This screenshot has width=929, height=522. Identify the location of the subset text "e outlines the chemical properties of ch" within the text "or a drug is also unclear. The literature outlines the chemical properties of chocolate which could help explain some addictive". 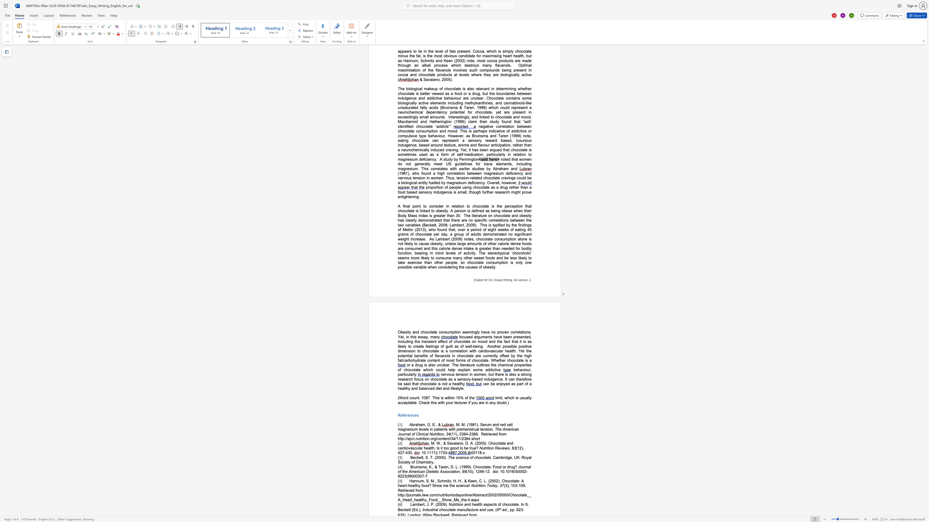
(473, 365).